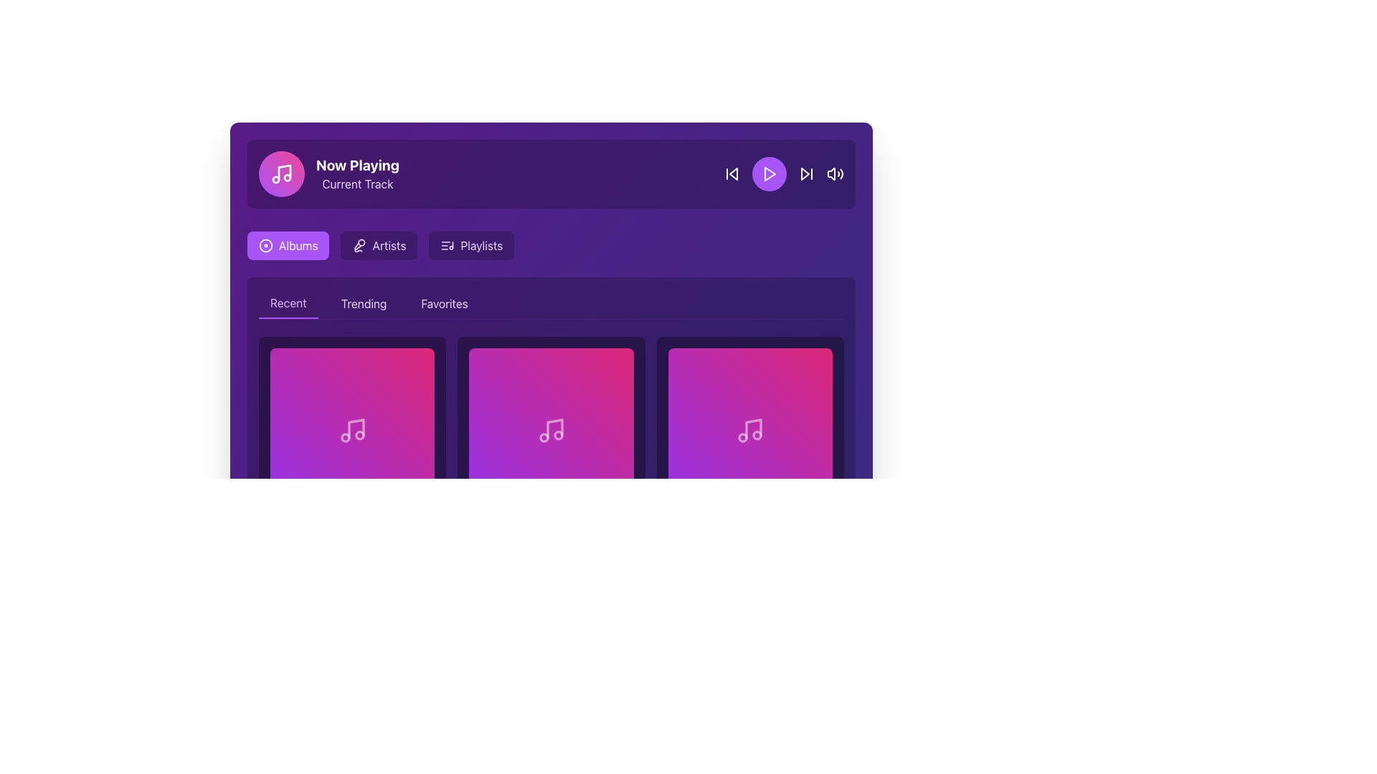  What do you see at coordinates (352, 429) in the screenshot?
I see `the music item icon located on the first card in the 'Recent' row, which is part of a grid layout below the main navigation` at bounding box center [352, 429].